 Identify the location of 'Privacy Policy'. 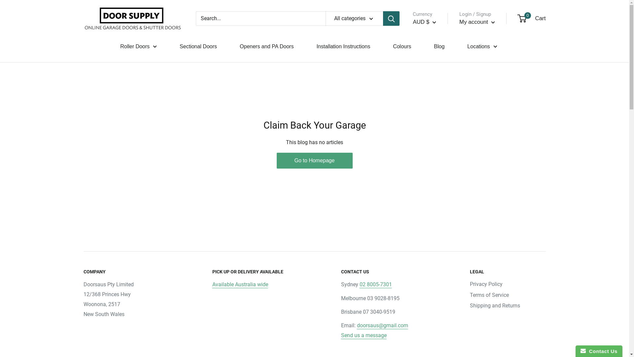
(507, 284).